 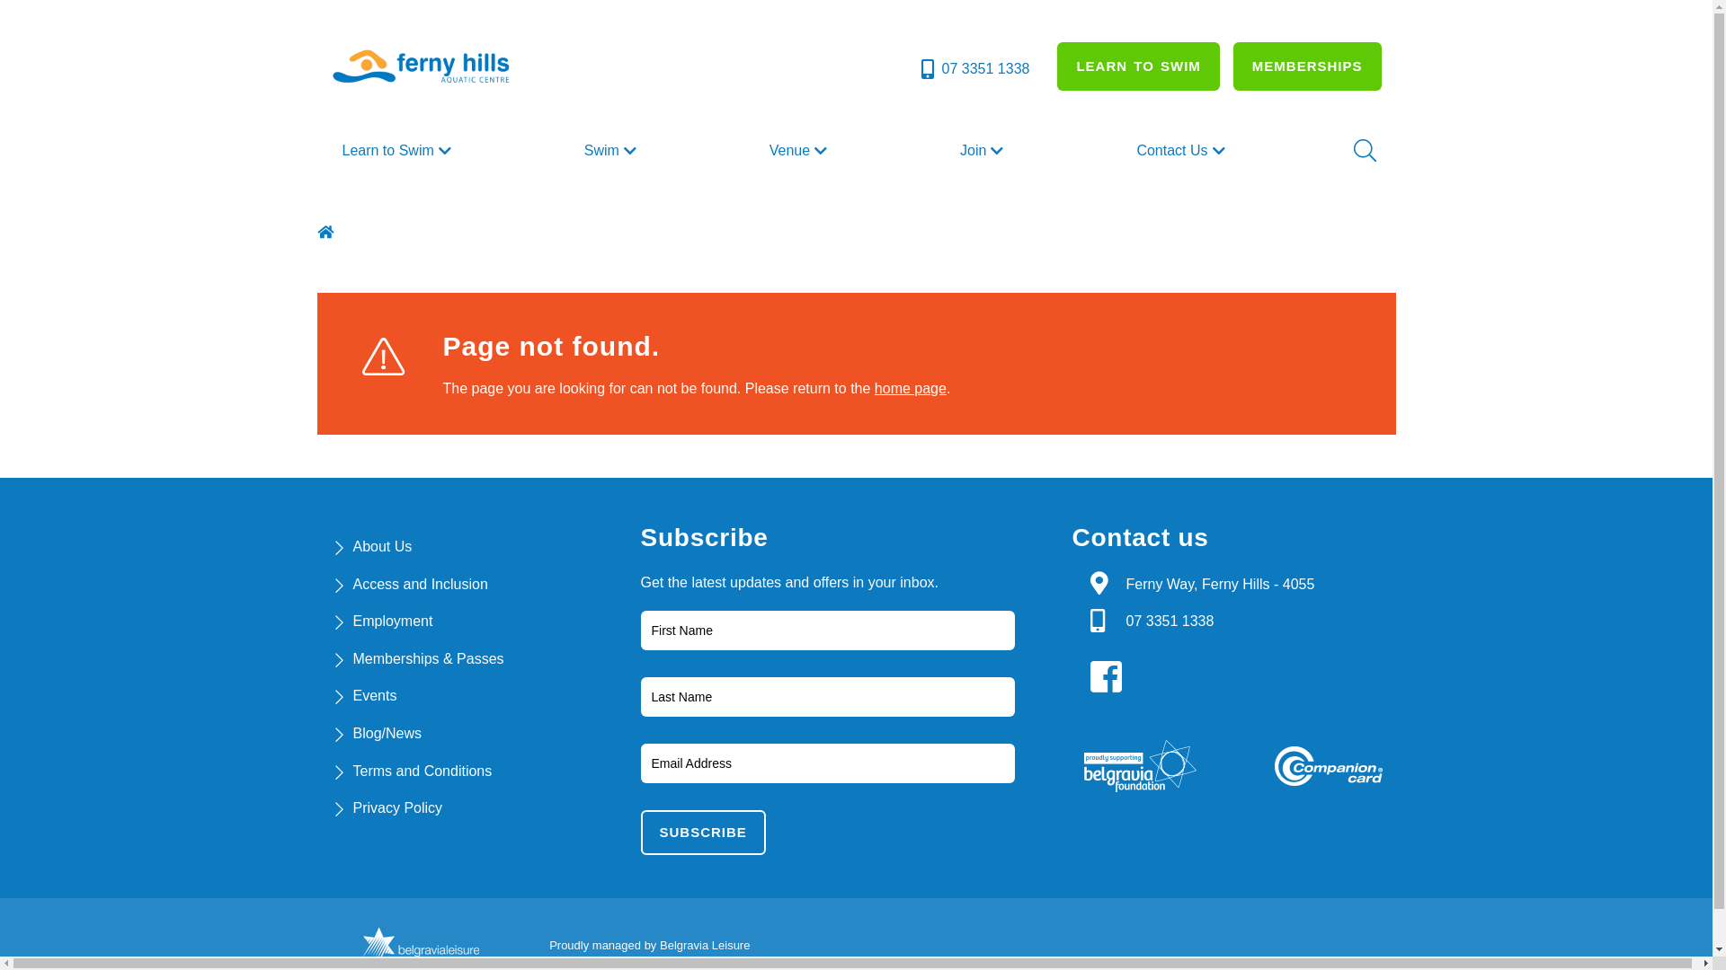 What do you see at coordinates (352, 807) in the screenshot?
I see `'Privacy Policy'` at bounding box center [352, 807].